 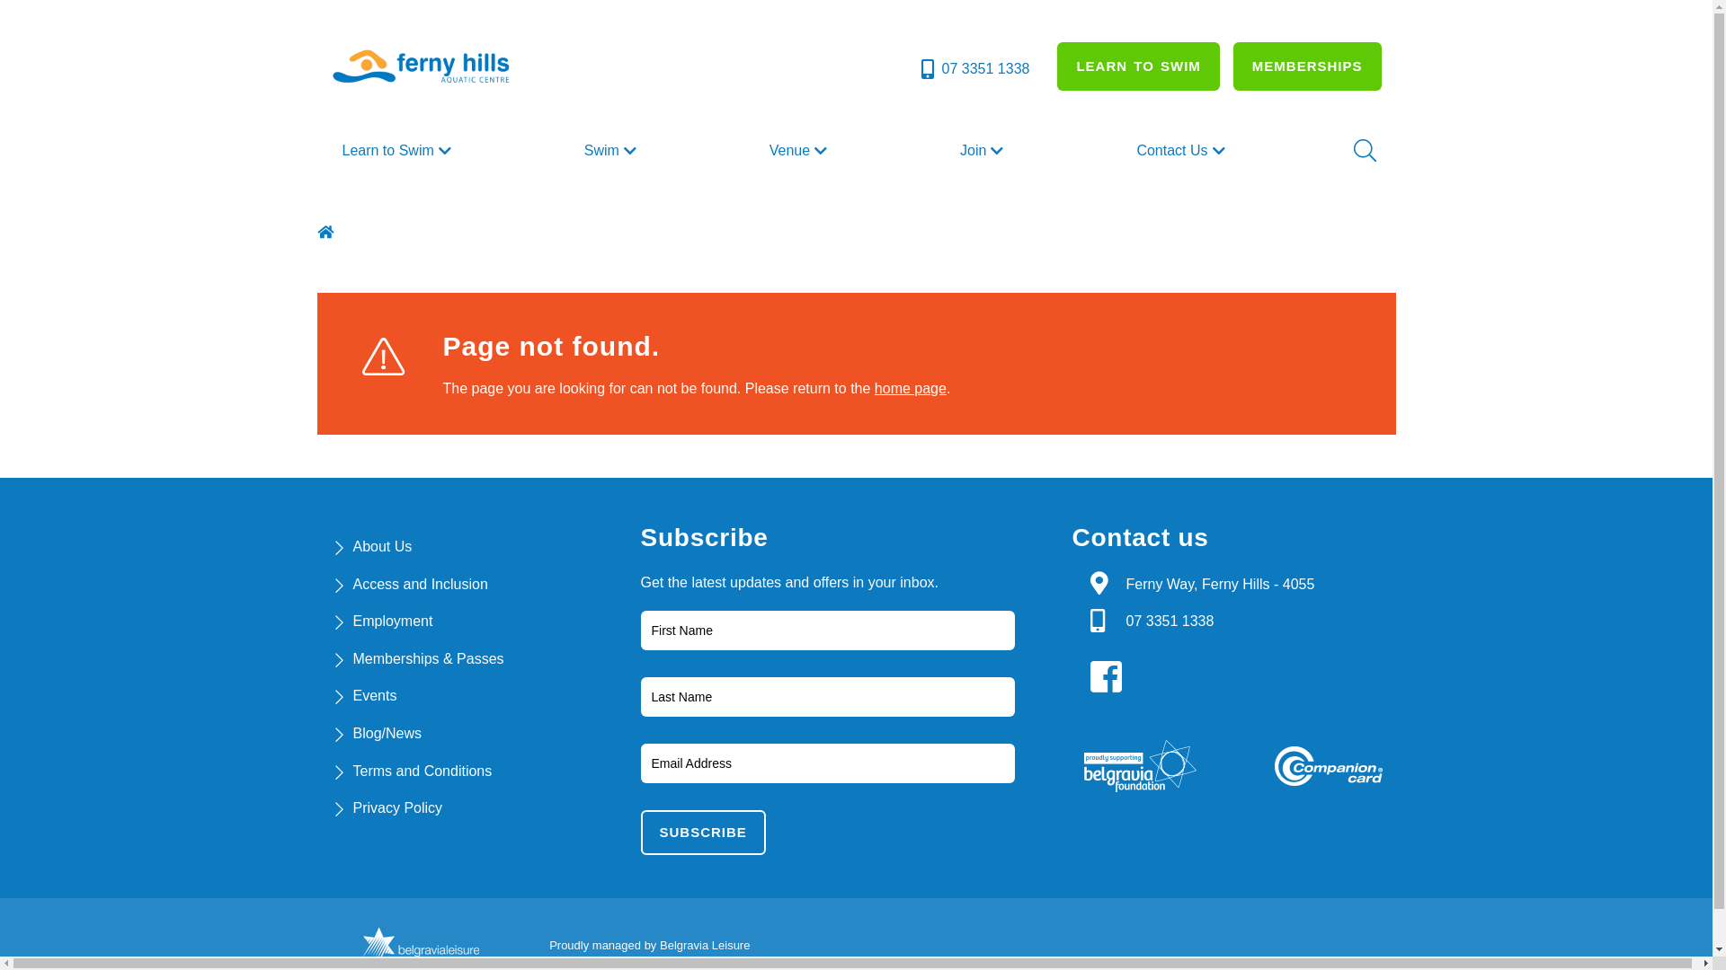 What do you see at coordinates (352, 807) in the screenshot?
I see `'Privacy Policy'` at bounding box center [352, 807].